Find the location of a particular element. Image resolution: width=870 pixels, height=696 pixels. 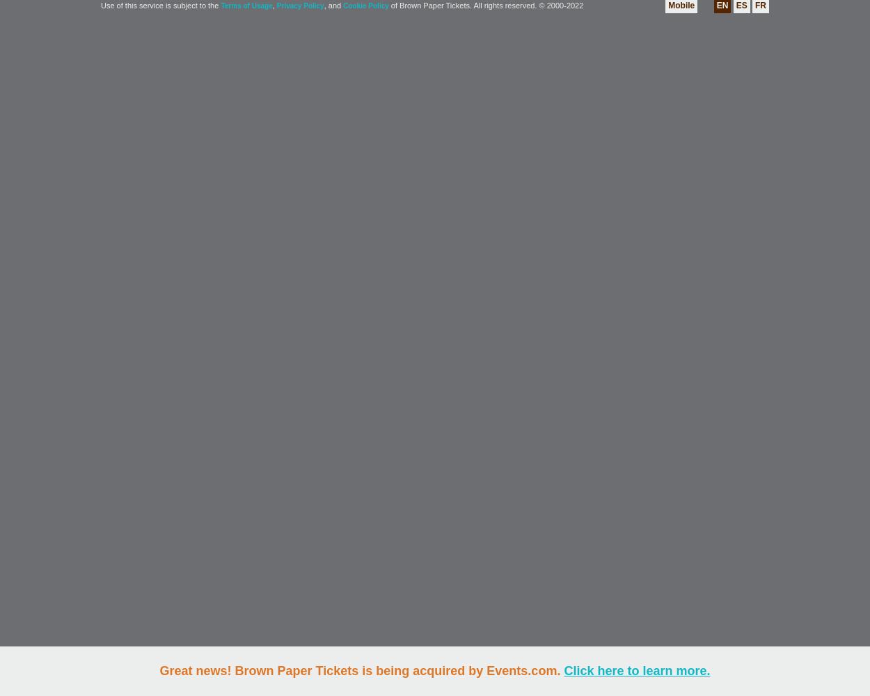

'Click here to learn more.' is located at coordinates (637, 670).